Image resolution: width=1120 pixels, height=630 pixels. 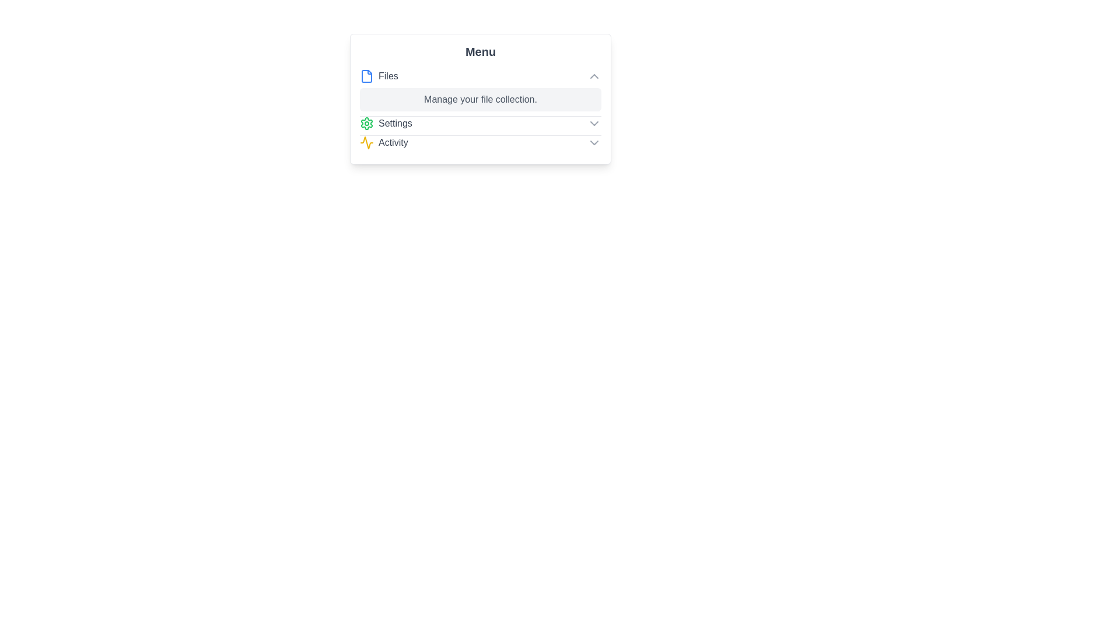 What do you see at coordinates (366, 124) in the screenshot?
I see `the icon next to Settings to trigger its interaction` at bounding box center [366, 124].